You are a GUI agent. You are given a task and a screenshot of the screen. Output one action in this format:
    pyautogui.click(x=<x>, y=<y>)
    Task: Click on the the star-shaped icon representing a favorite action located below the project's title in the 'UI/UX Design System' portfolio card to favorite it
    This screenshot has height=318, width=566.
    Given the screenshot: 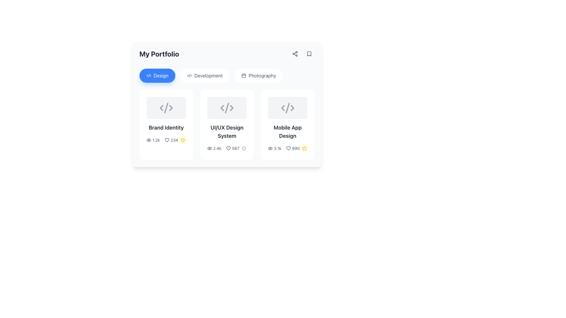 What is the action you would take?
    pyautogui.click(x=244, y=148)
    